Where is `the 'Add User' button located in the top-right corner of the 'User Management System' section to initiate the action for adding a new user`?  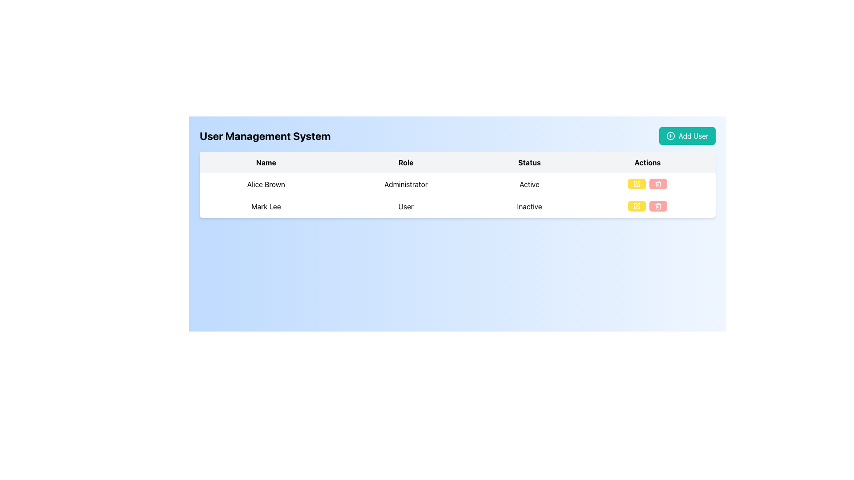
the 'Add User' button located in the top-right corner of the 'User Management System' section to initiate the action for adding a new user is located at coordinates (687, 136).